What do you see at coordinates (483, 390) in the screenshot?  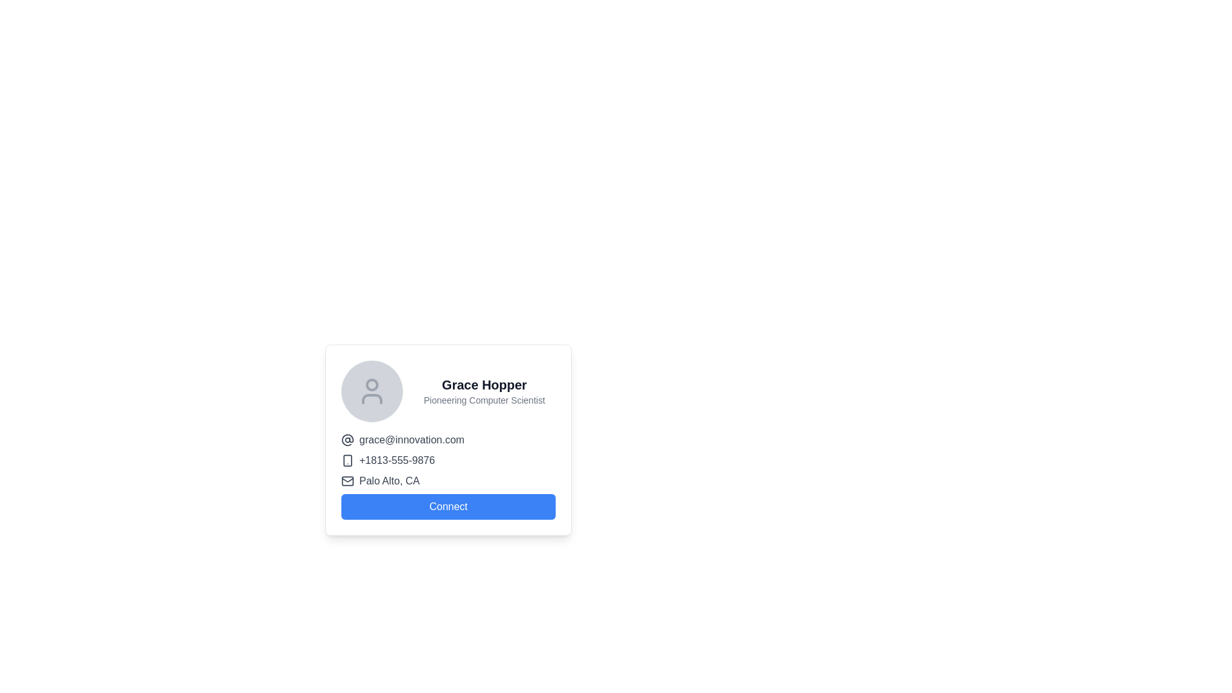 I see `the text display that shows 'Grace Hopper' and 'Pioneering Computer Scientist', located next to the circular avatar image in the profile card layout` at bounding box center [483, 390].